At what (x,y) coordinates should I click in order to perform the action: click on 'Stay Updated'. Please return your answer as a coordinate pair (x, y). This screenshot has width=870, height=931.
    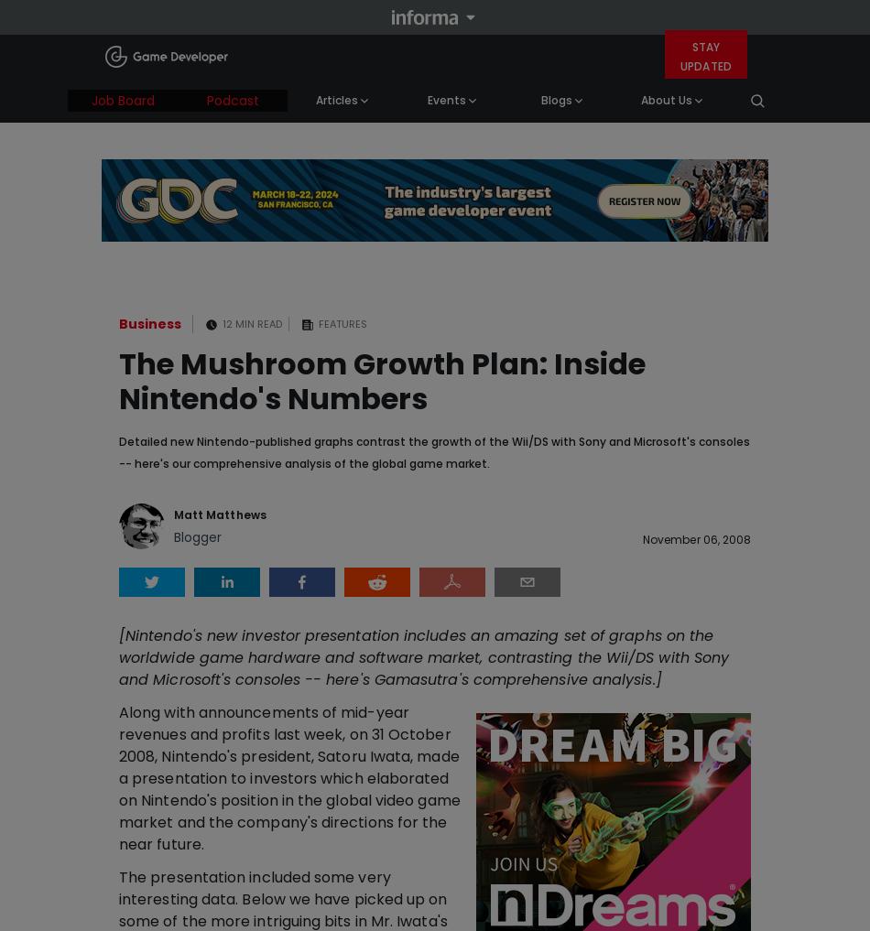
    Looking at the image, I should click on (704, 57).